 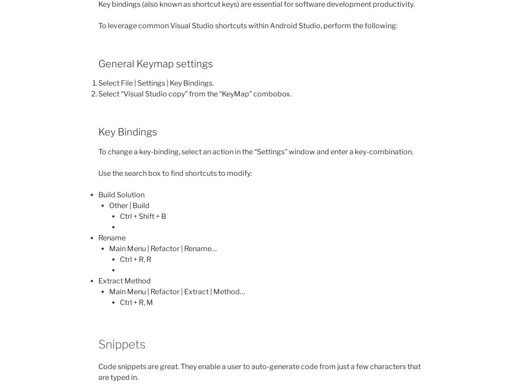 I want to click on 'Select “Visual Studio copy” from the “KeyMap” combobox.', so click(x=194, y=93).